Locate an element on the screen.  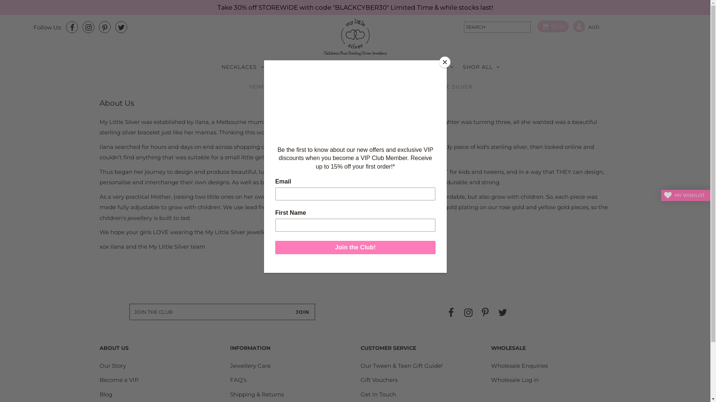
'MY WISHLIST' is located at coordinates (661, 195).